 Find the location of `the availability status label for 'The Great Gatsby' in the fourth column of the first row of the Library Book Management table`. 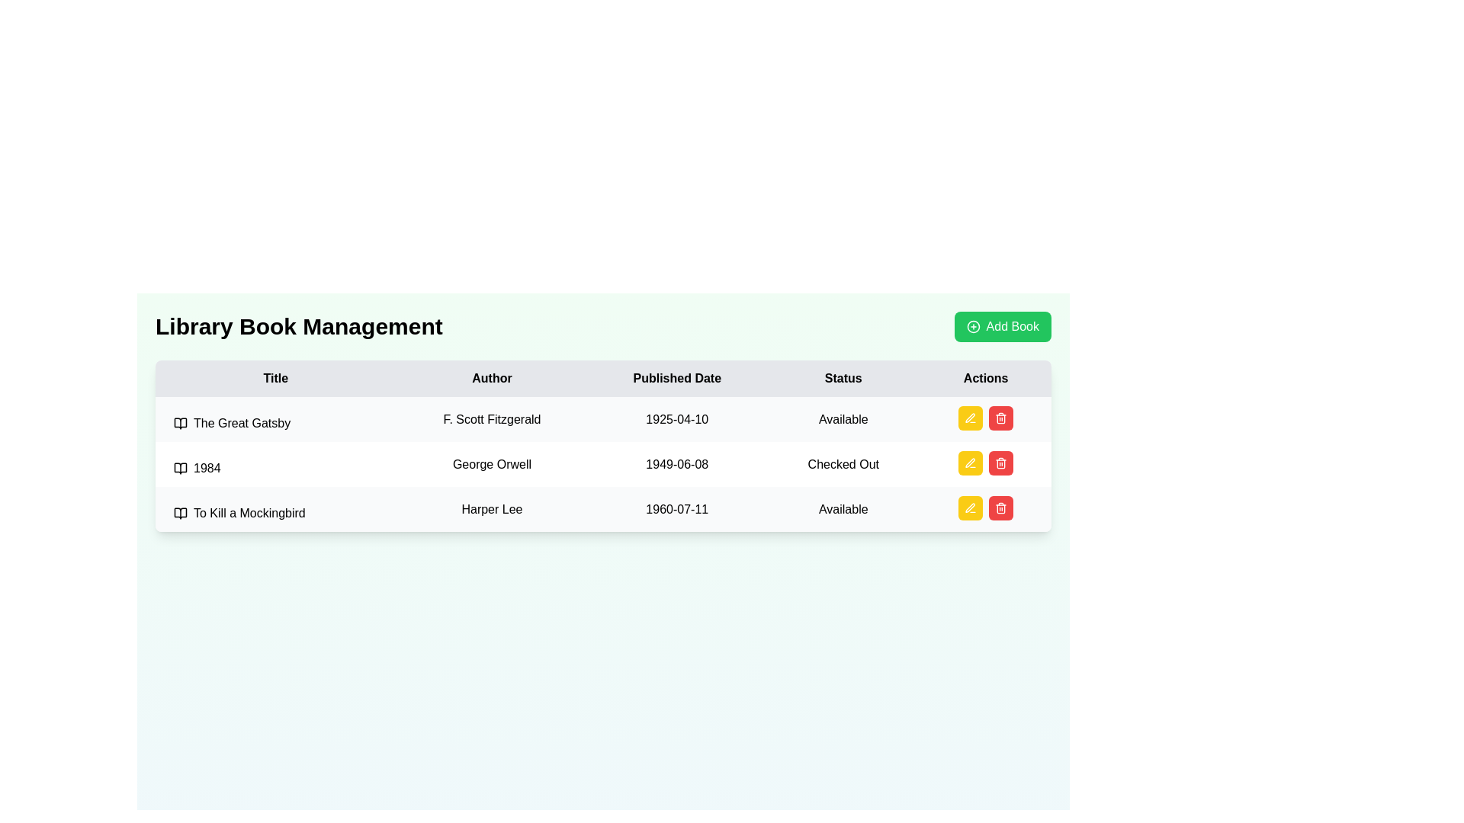

the availability status label for 'The Great Gatsby' in the fourth column of the first row of the Library Book Management table is located at coordinates (843, 419).